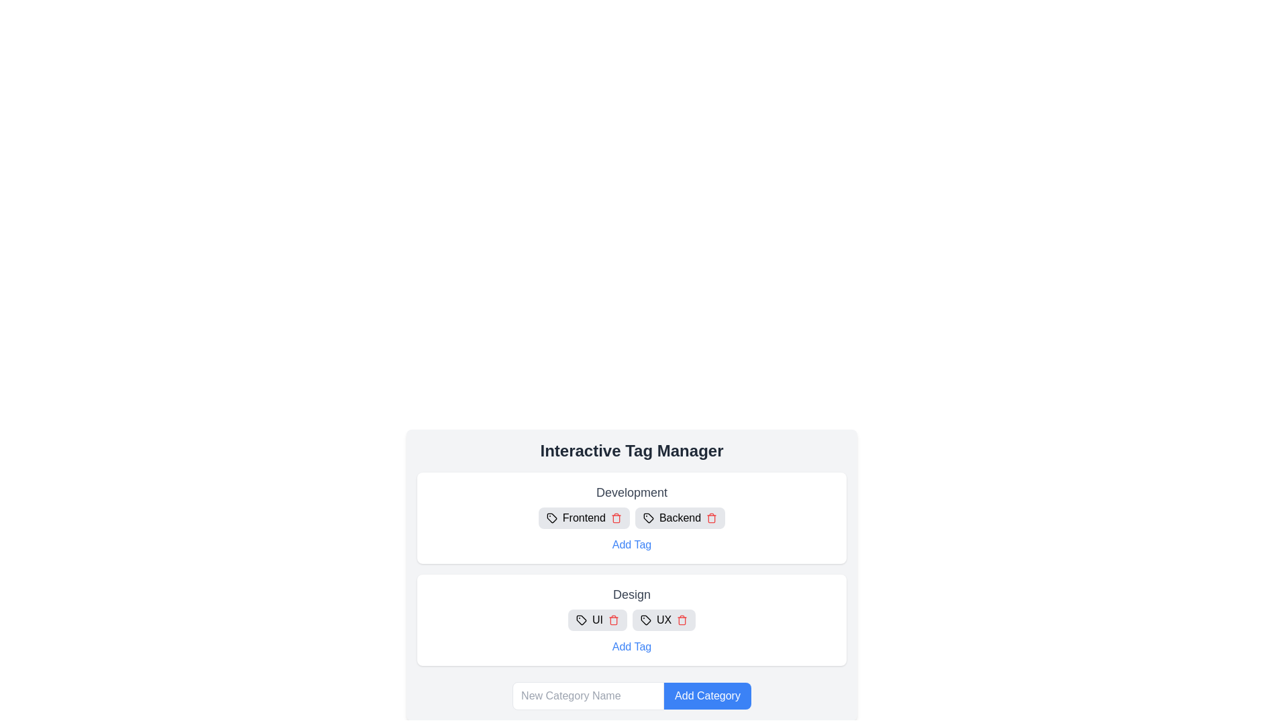 The width and height of the screenshot is (1288, 725). Describe the element at coordinates (615, 517) in the screenshot. I see `the red trash icon button next to the 'Frontend' text` at that location.